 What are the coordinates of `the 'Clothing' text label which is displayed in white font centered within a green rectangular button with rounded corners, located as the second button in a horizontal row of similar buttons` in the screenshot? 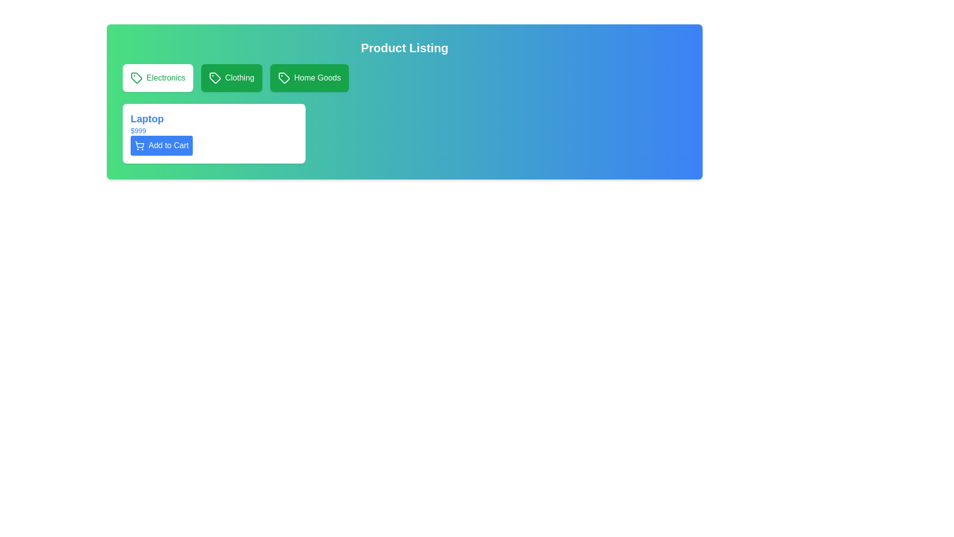 It's located at (239, 78).